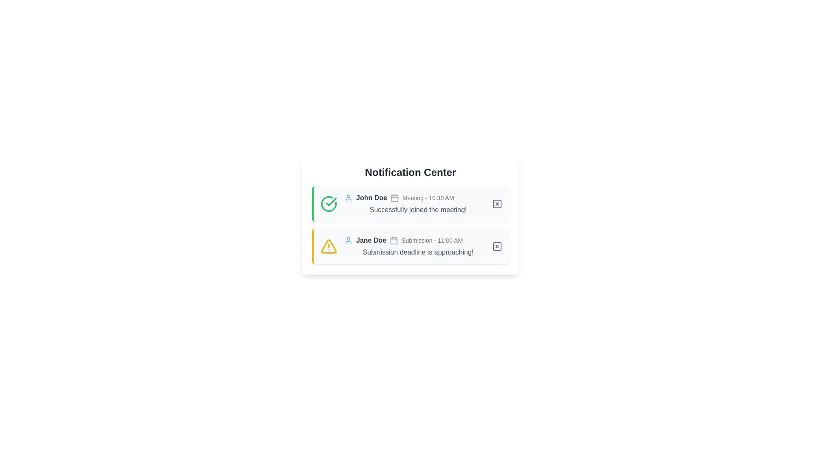 This screenshot has height=459, width=816. Describe the element at coordinates (428, 198) in the screenshot. I see `text content of the informational text element displaying 'Meeting - 10:30 AM', located immediately to the right of the calendar icon and the name 'John Doe' in the notification panel` at that location.